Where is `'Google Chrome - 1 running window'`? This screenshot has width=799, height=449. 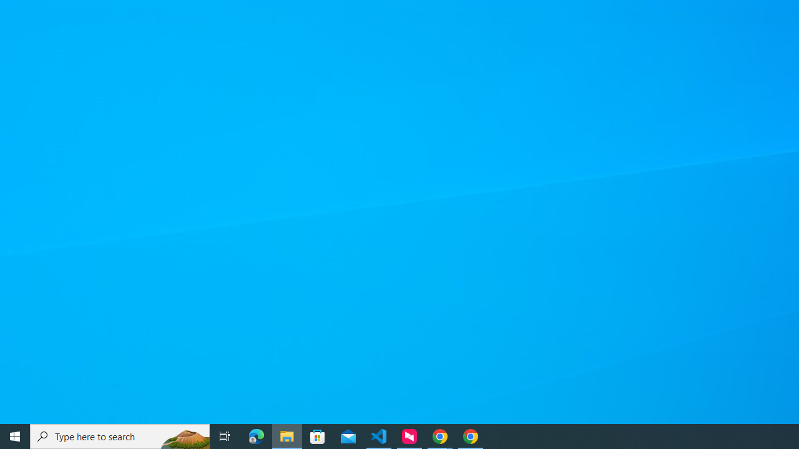
'Google Chrome - 1 running window' is located at coordinates (470, 435).